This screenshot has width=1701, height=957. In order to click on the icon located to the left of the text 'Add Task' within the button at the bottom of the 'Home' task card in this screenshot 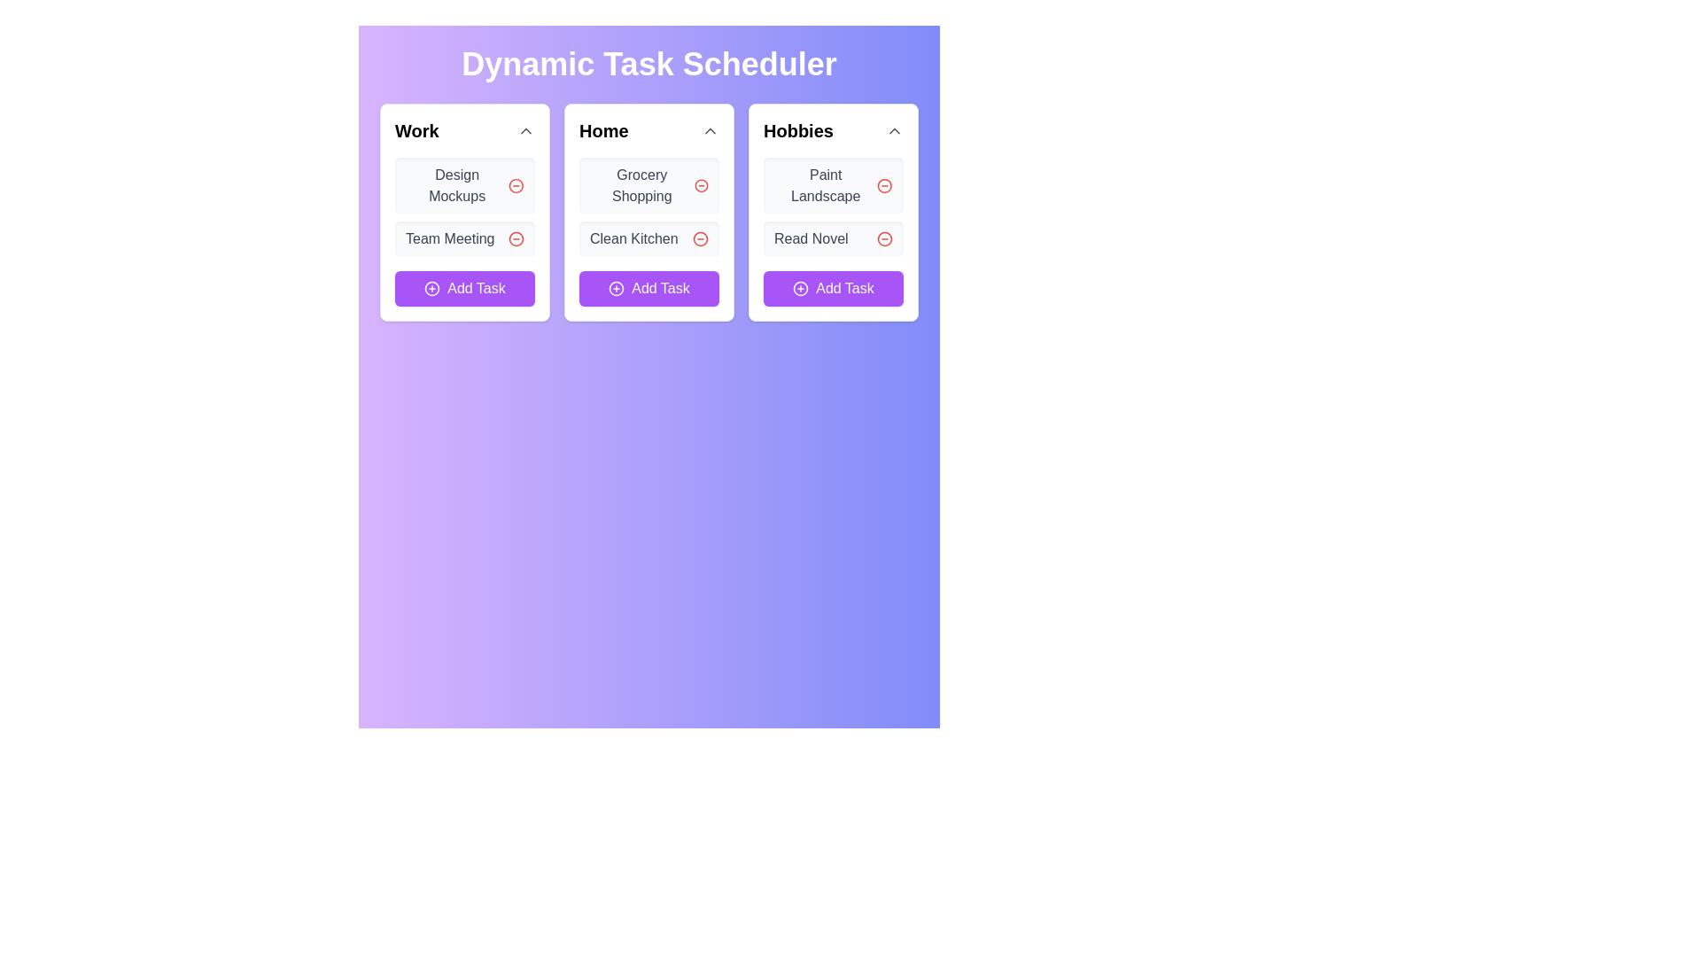, I will do `click(617, 288)`.